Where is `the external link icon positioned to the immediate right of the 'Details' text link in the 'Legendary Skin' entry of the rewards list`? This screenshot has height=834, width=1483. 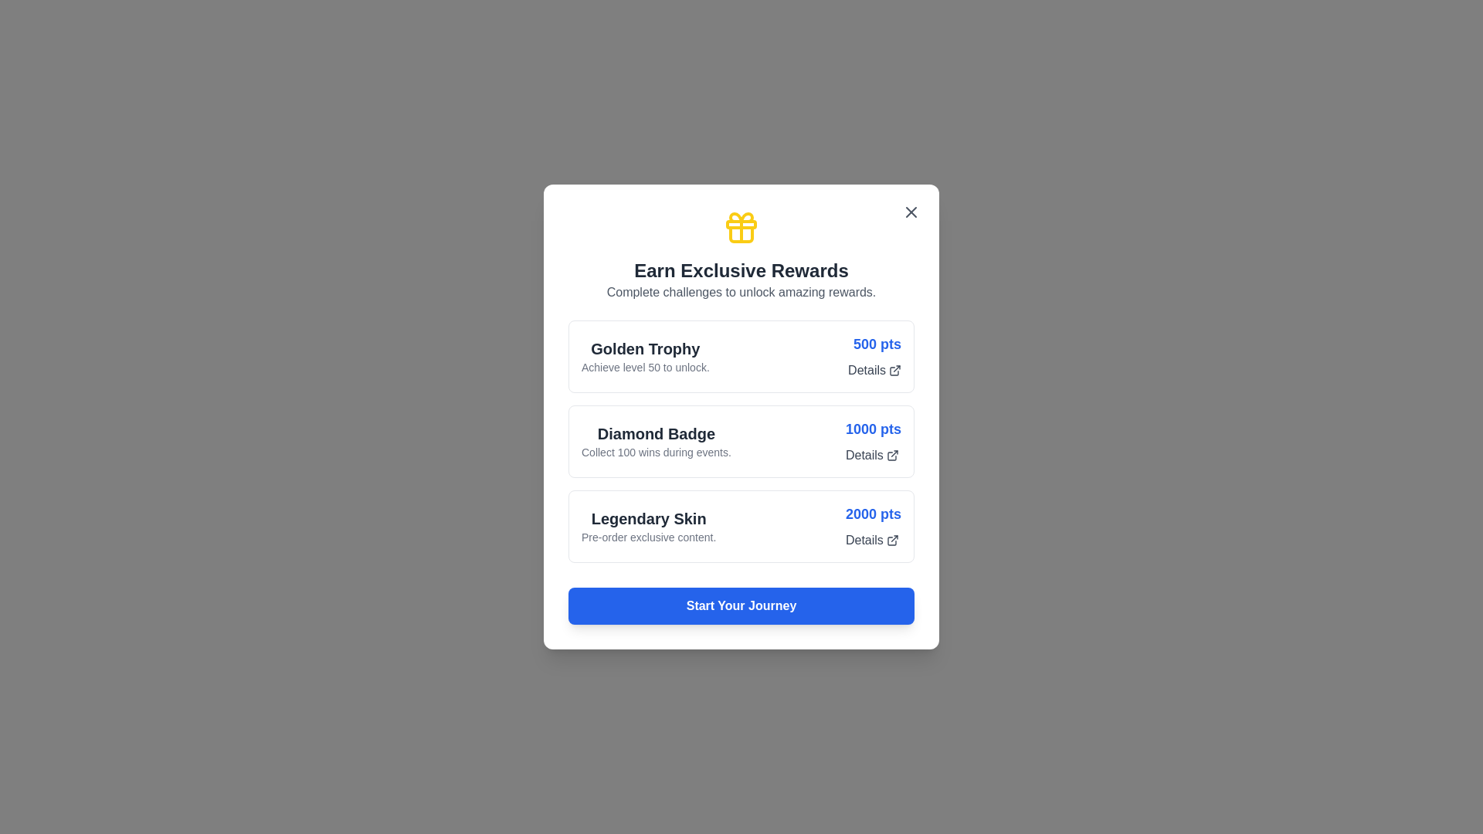
the external link icon positioned to the immediate right of the 'Details' text link in the 'Legendary Skin' entry of the rewards list is located at coordinates (892, 539).